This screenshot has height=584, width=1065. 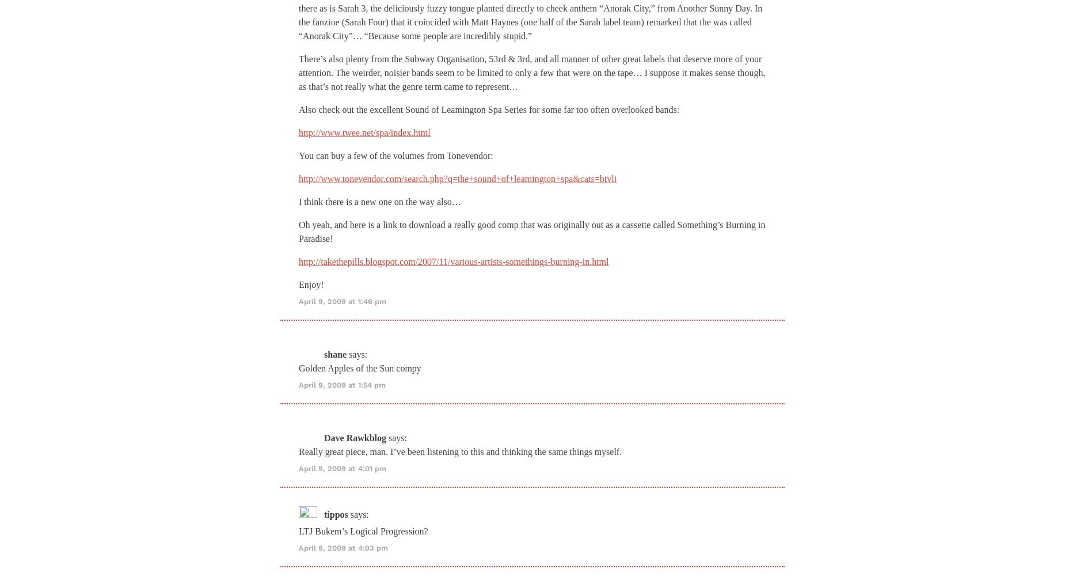 I want to click on 'Enjoy!', so click(x=311, y=284).